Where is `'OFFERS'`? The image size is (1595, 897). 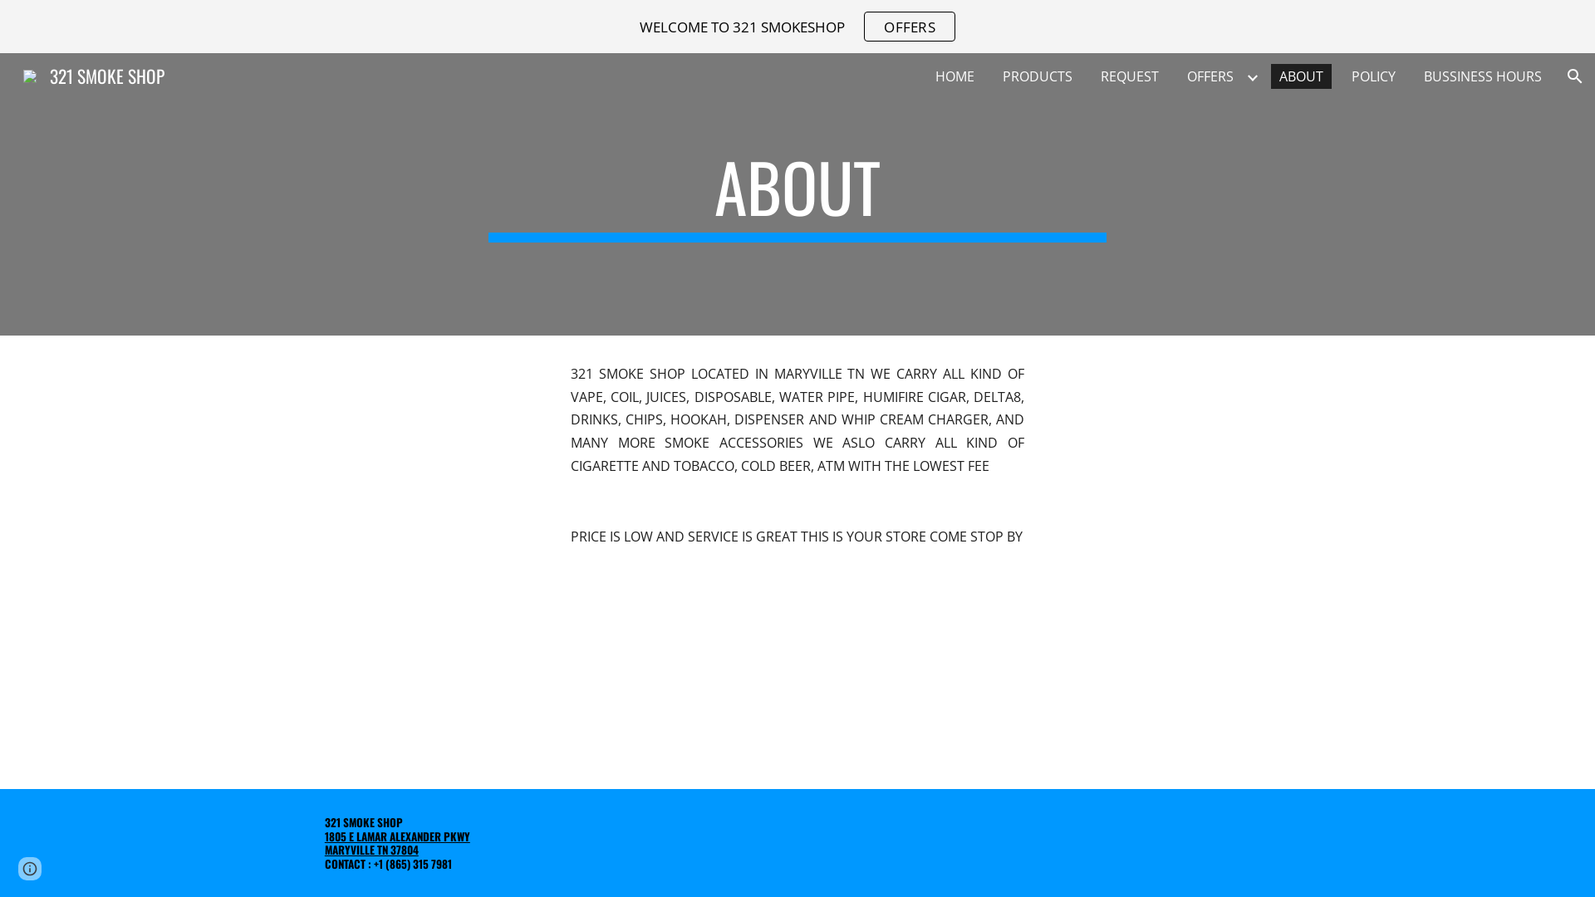
'OFFERS' is located at coordinates (1210, 76).